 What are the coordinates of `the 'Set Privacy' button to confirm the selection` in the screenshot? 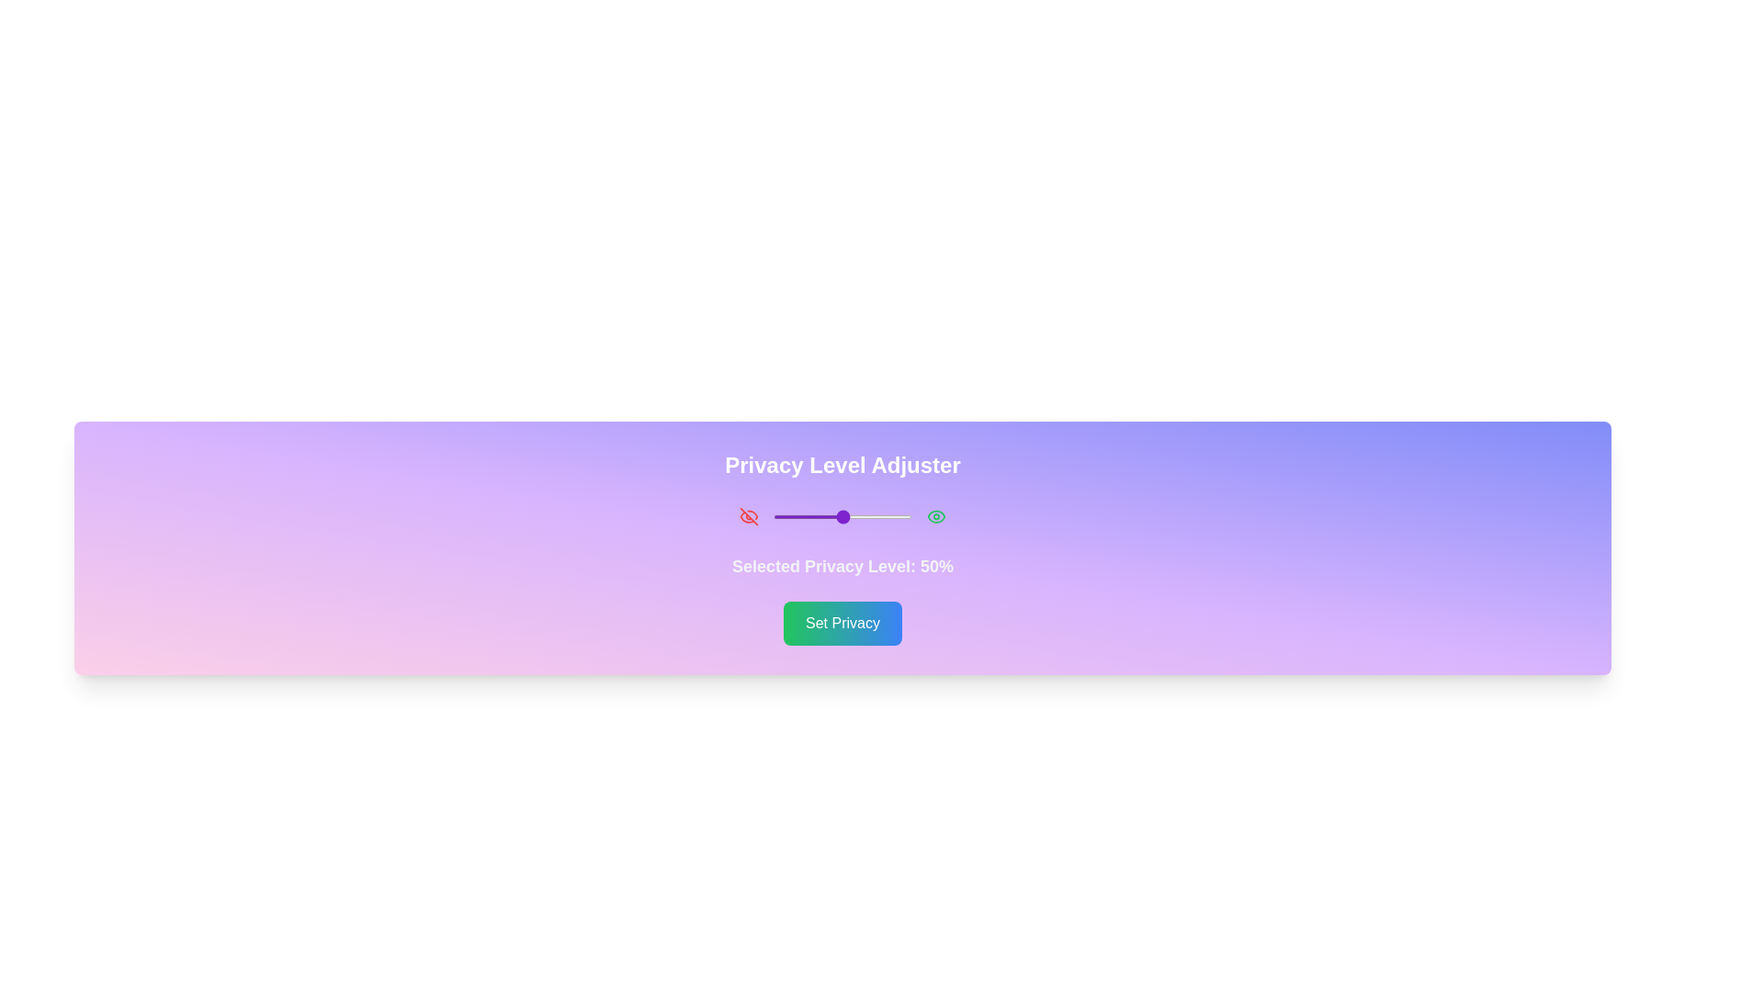 It's located at (842, 622).